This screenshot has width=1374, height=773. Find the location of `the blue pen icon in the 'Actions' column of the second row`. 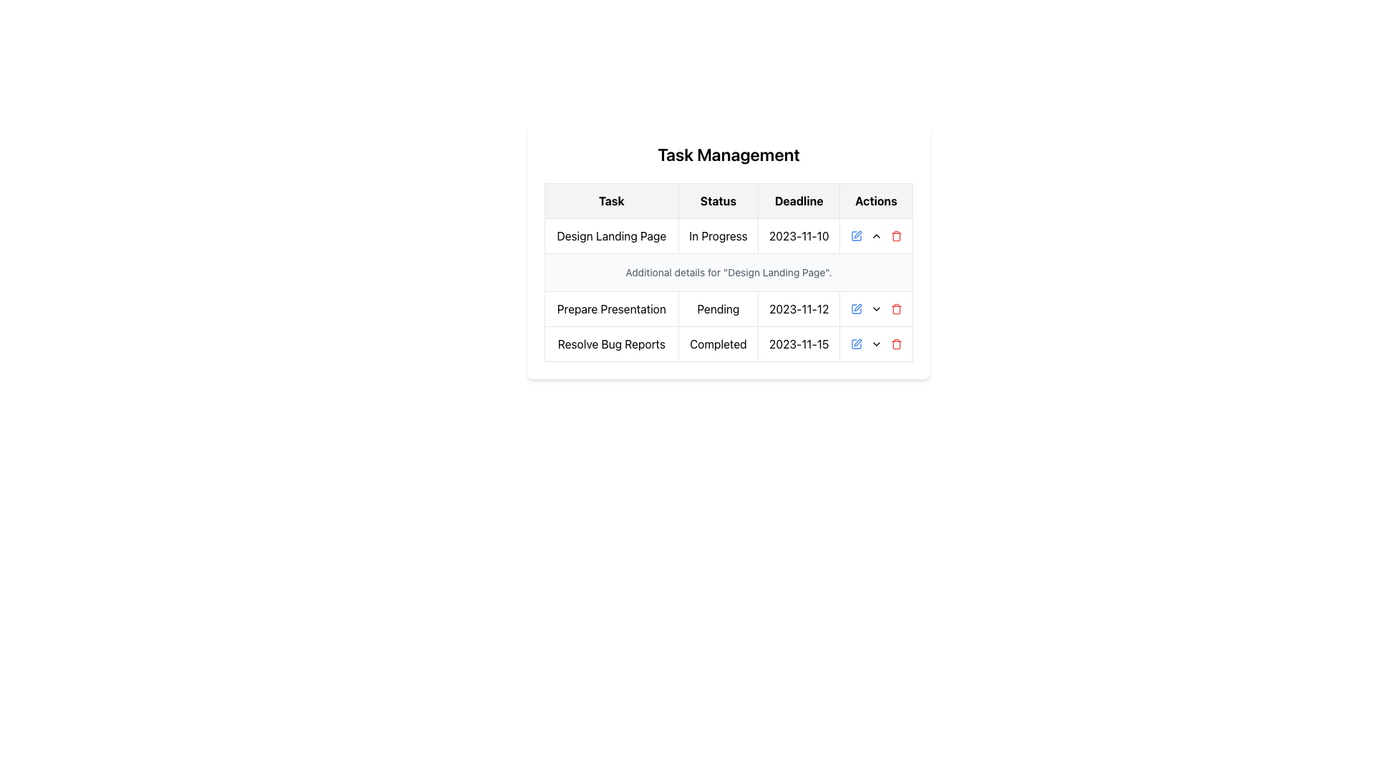

the blue pen icon in the 'Actions' column of the second row is located at coordinates (857, 306).